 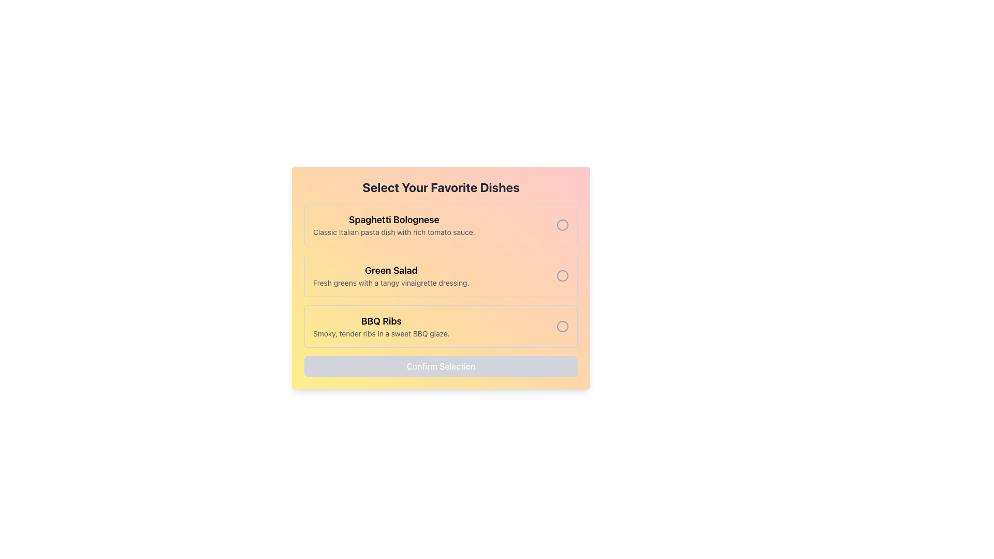 I want to click on the visual indicator for the radio button corresponding to 'Spaghetti Bolognese' in the selection list, so click(x=562, y=225).